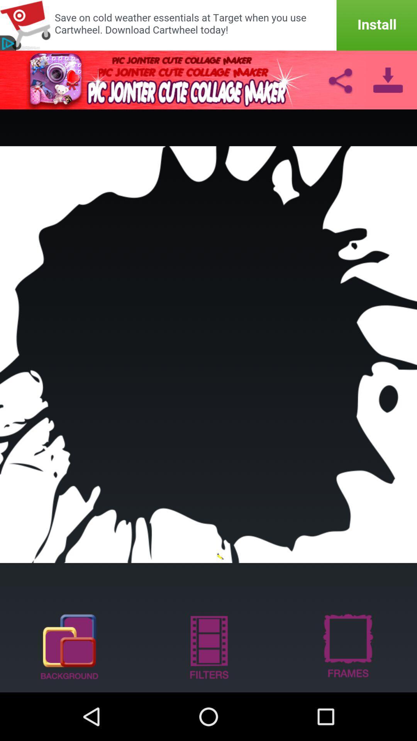 This screenshot has width=417, height=741. I want to click on bring up frame selections, so click(347, 646).